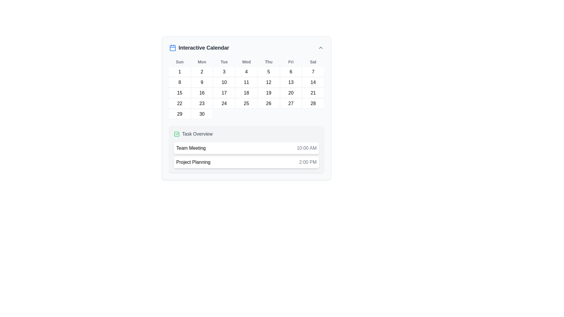  What do you see at coordinates (246, 92) in the screenshot?
I see `the calendar date tile representing the 18th` at bounding box center [246, 92].